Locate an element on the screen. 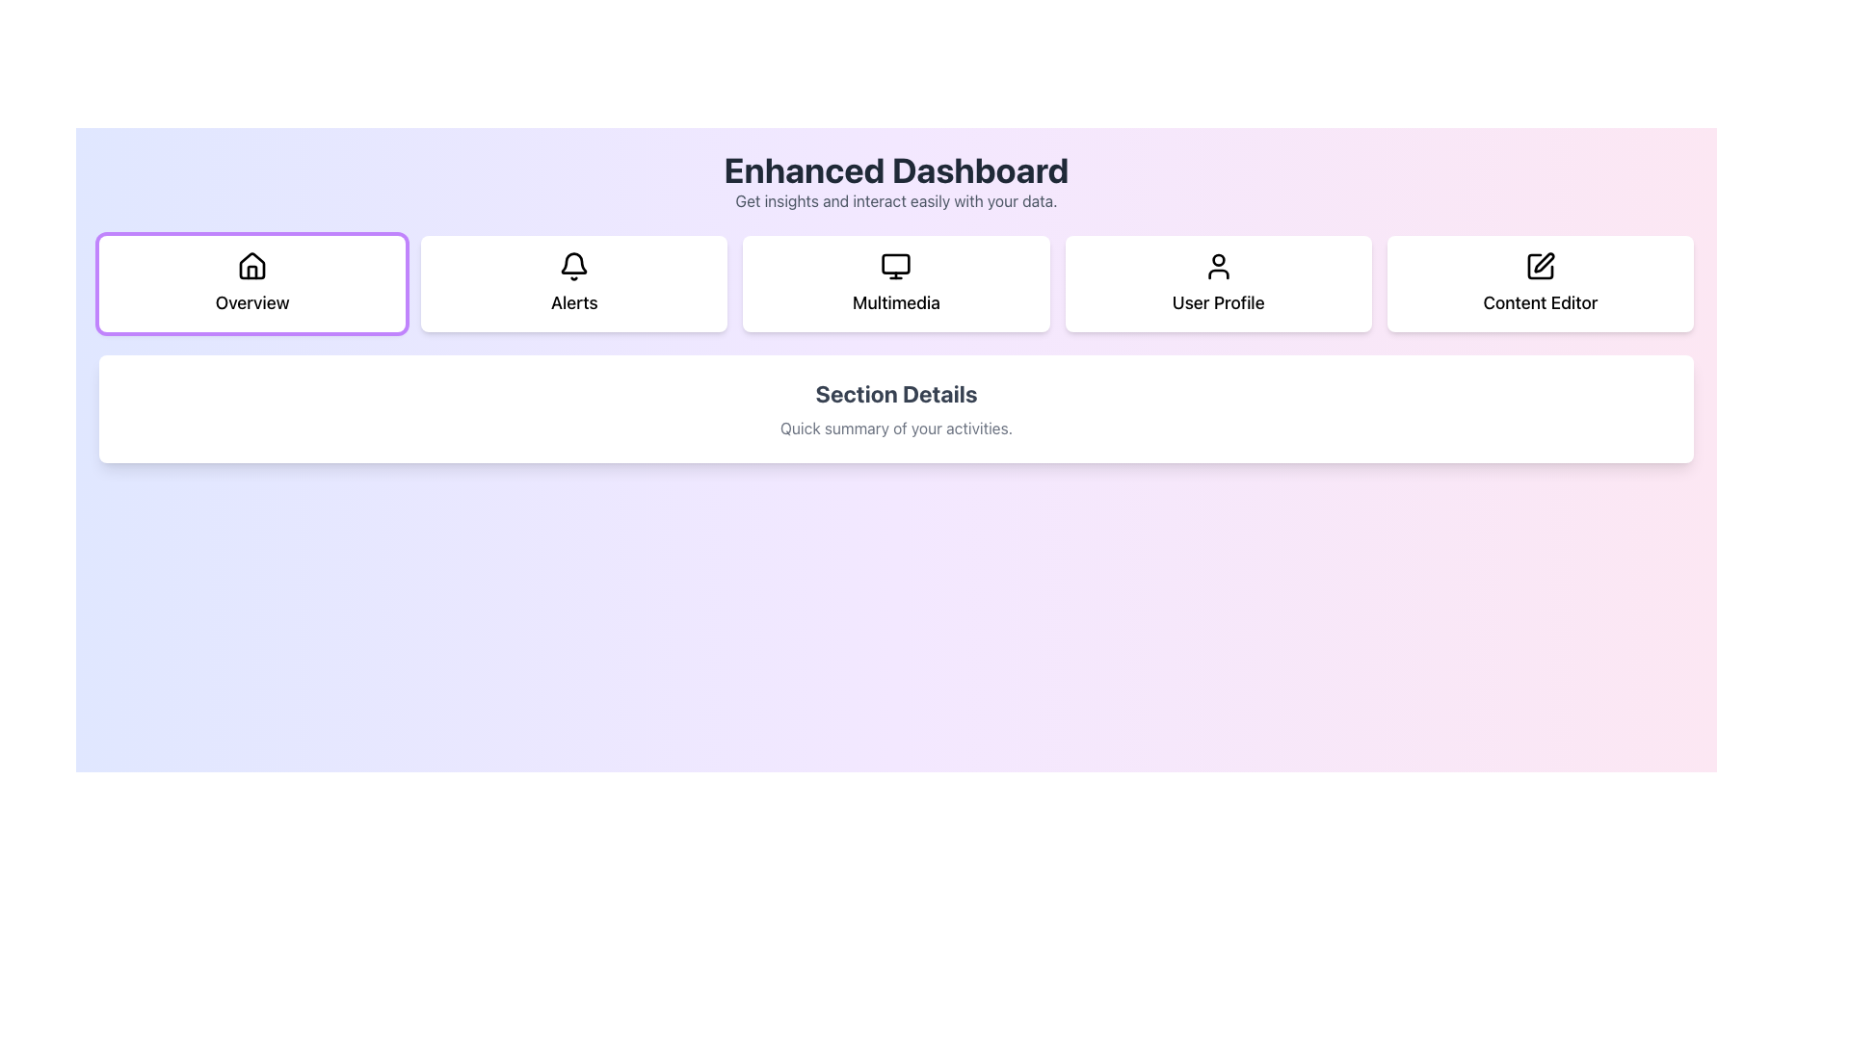  the static text label displaying 'Multimedia', which is centrally aligned below a monitor icon in a button-like structure, specifically the third button in a row of similar buttons is located at coordinates (895, 303).